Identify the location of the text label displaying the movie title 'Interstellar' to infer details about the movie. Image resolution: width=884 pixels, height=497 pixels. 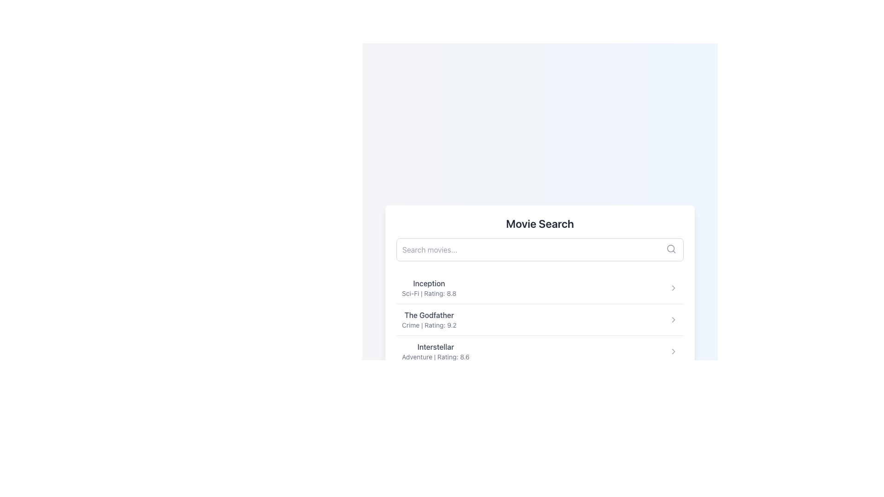
(435, 347).